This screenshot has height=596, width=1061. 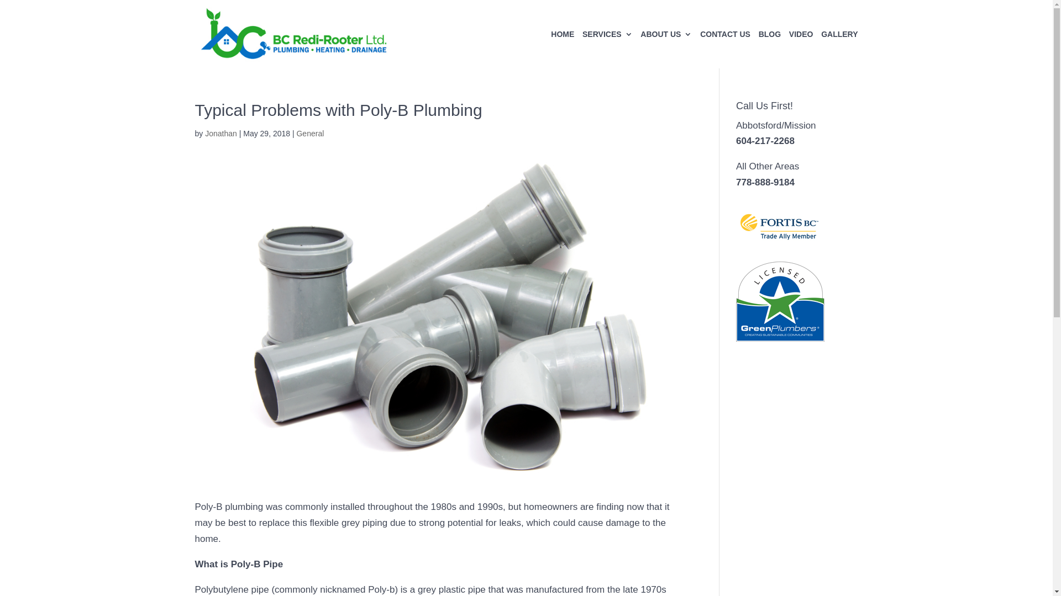 What do you see at coordinates (725, 49) in the screenshot?
I see `'CONTACT US'` at bounding box center [725, 49].